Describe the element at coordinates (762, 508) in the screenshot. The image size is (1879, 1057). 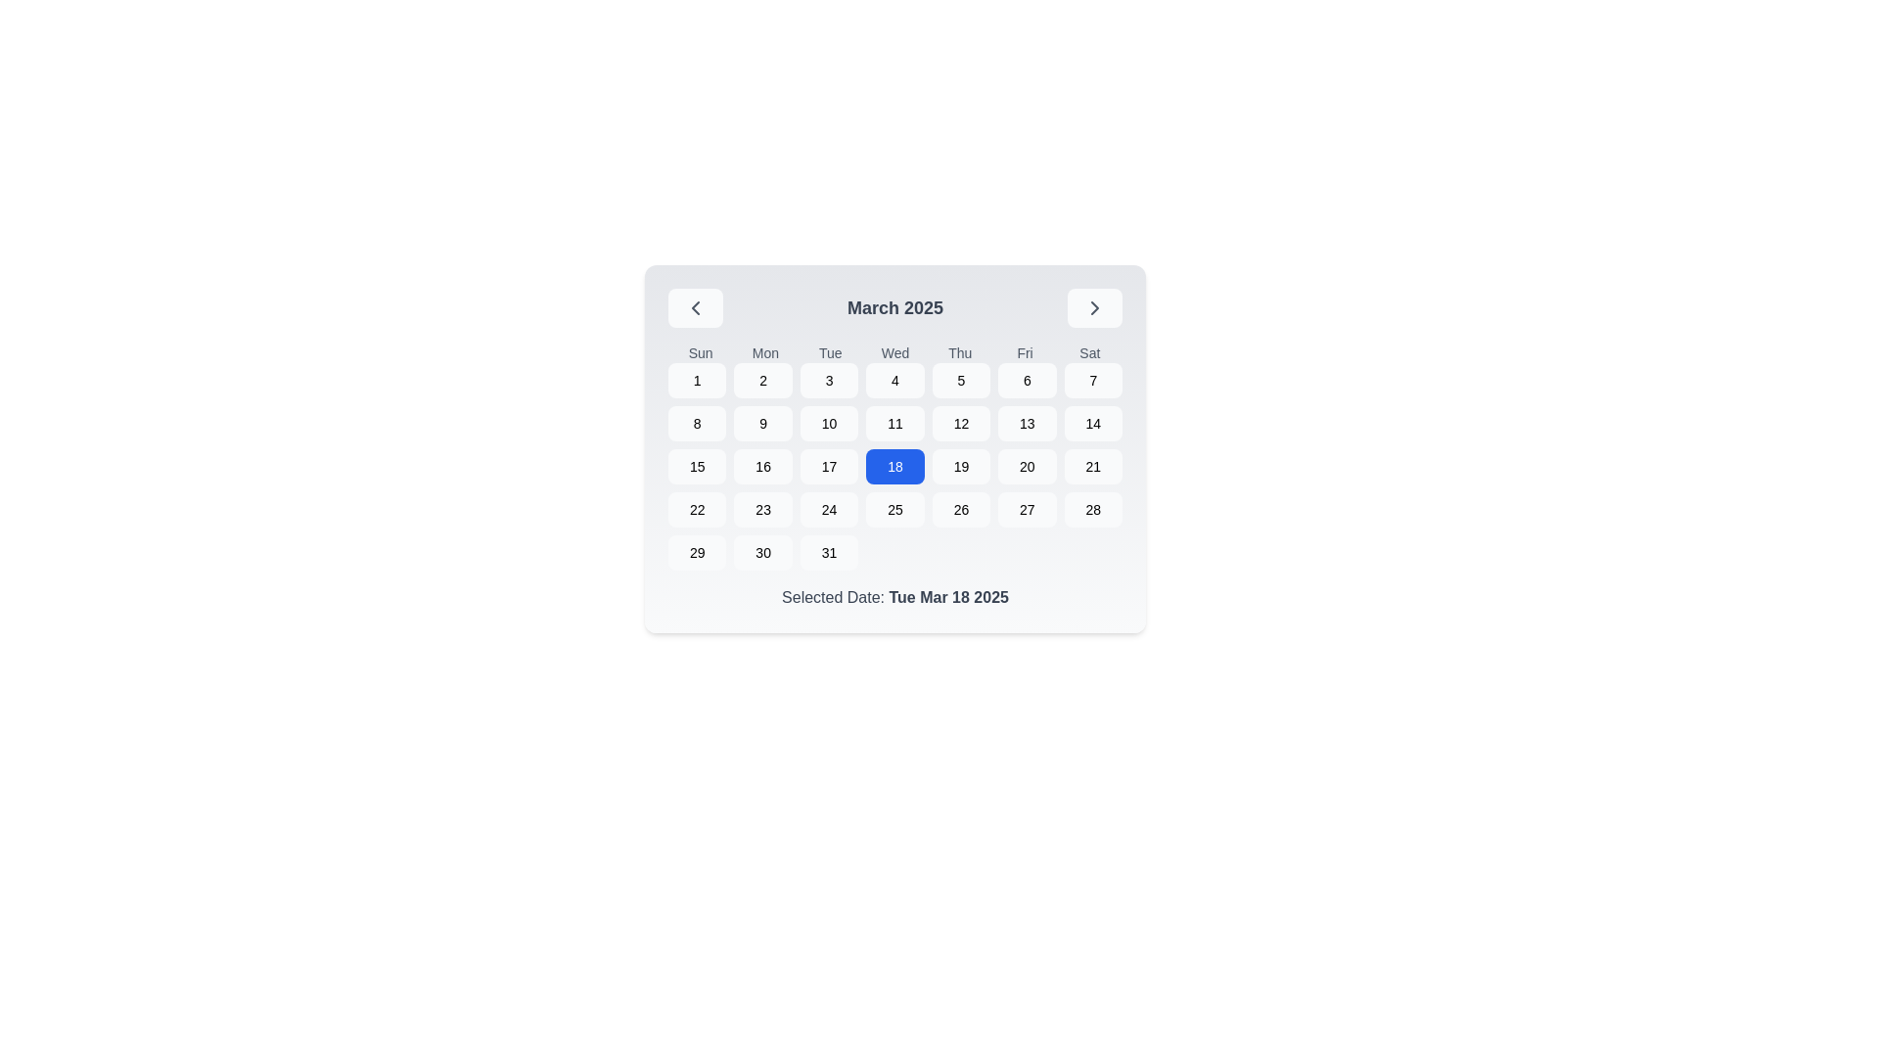
I see `the rounded rectangle button displaying the number '23'` at that location.